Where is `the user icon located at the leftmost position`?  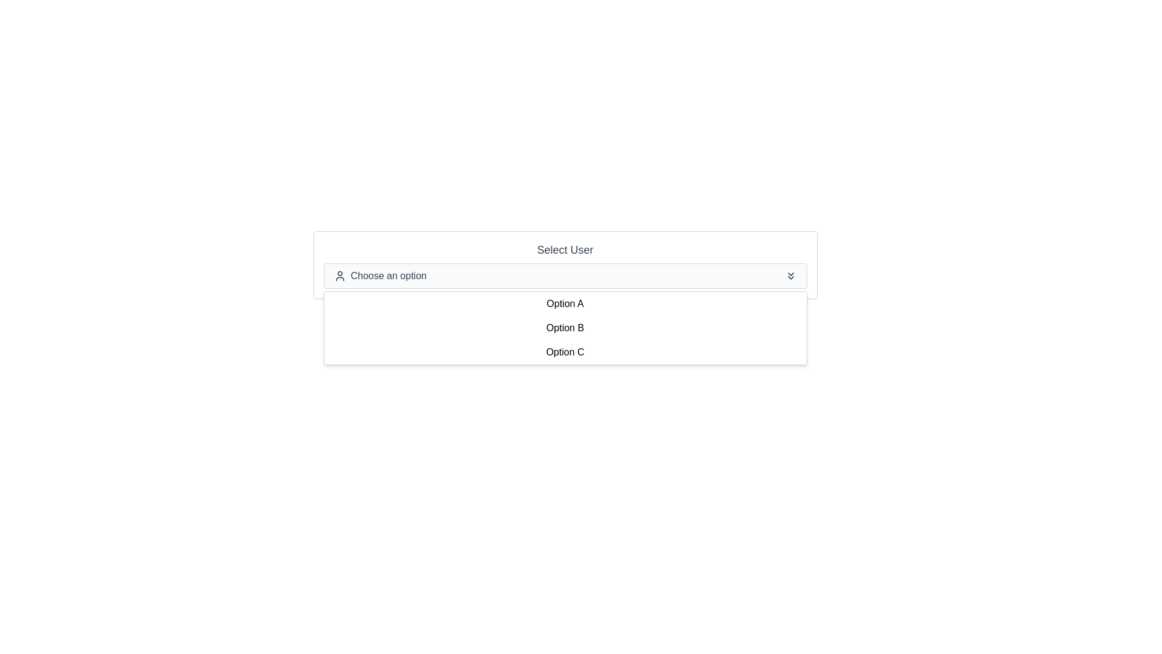
the user icon located at the leftmost position is located at coordinates (339, 276).